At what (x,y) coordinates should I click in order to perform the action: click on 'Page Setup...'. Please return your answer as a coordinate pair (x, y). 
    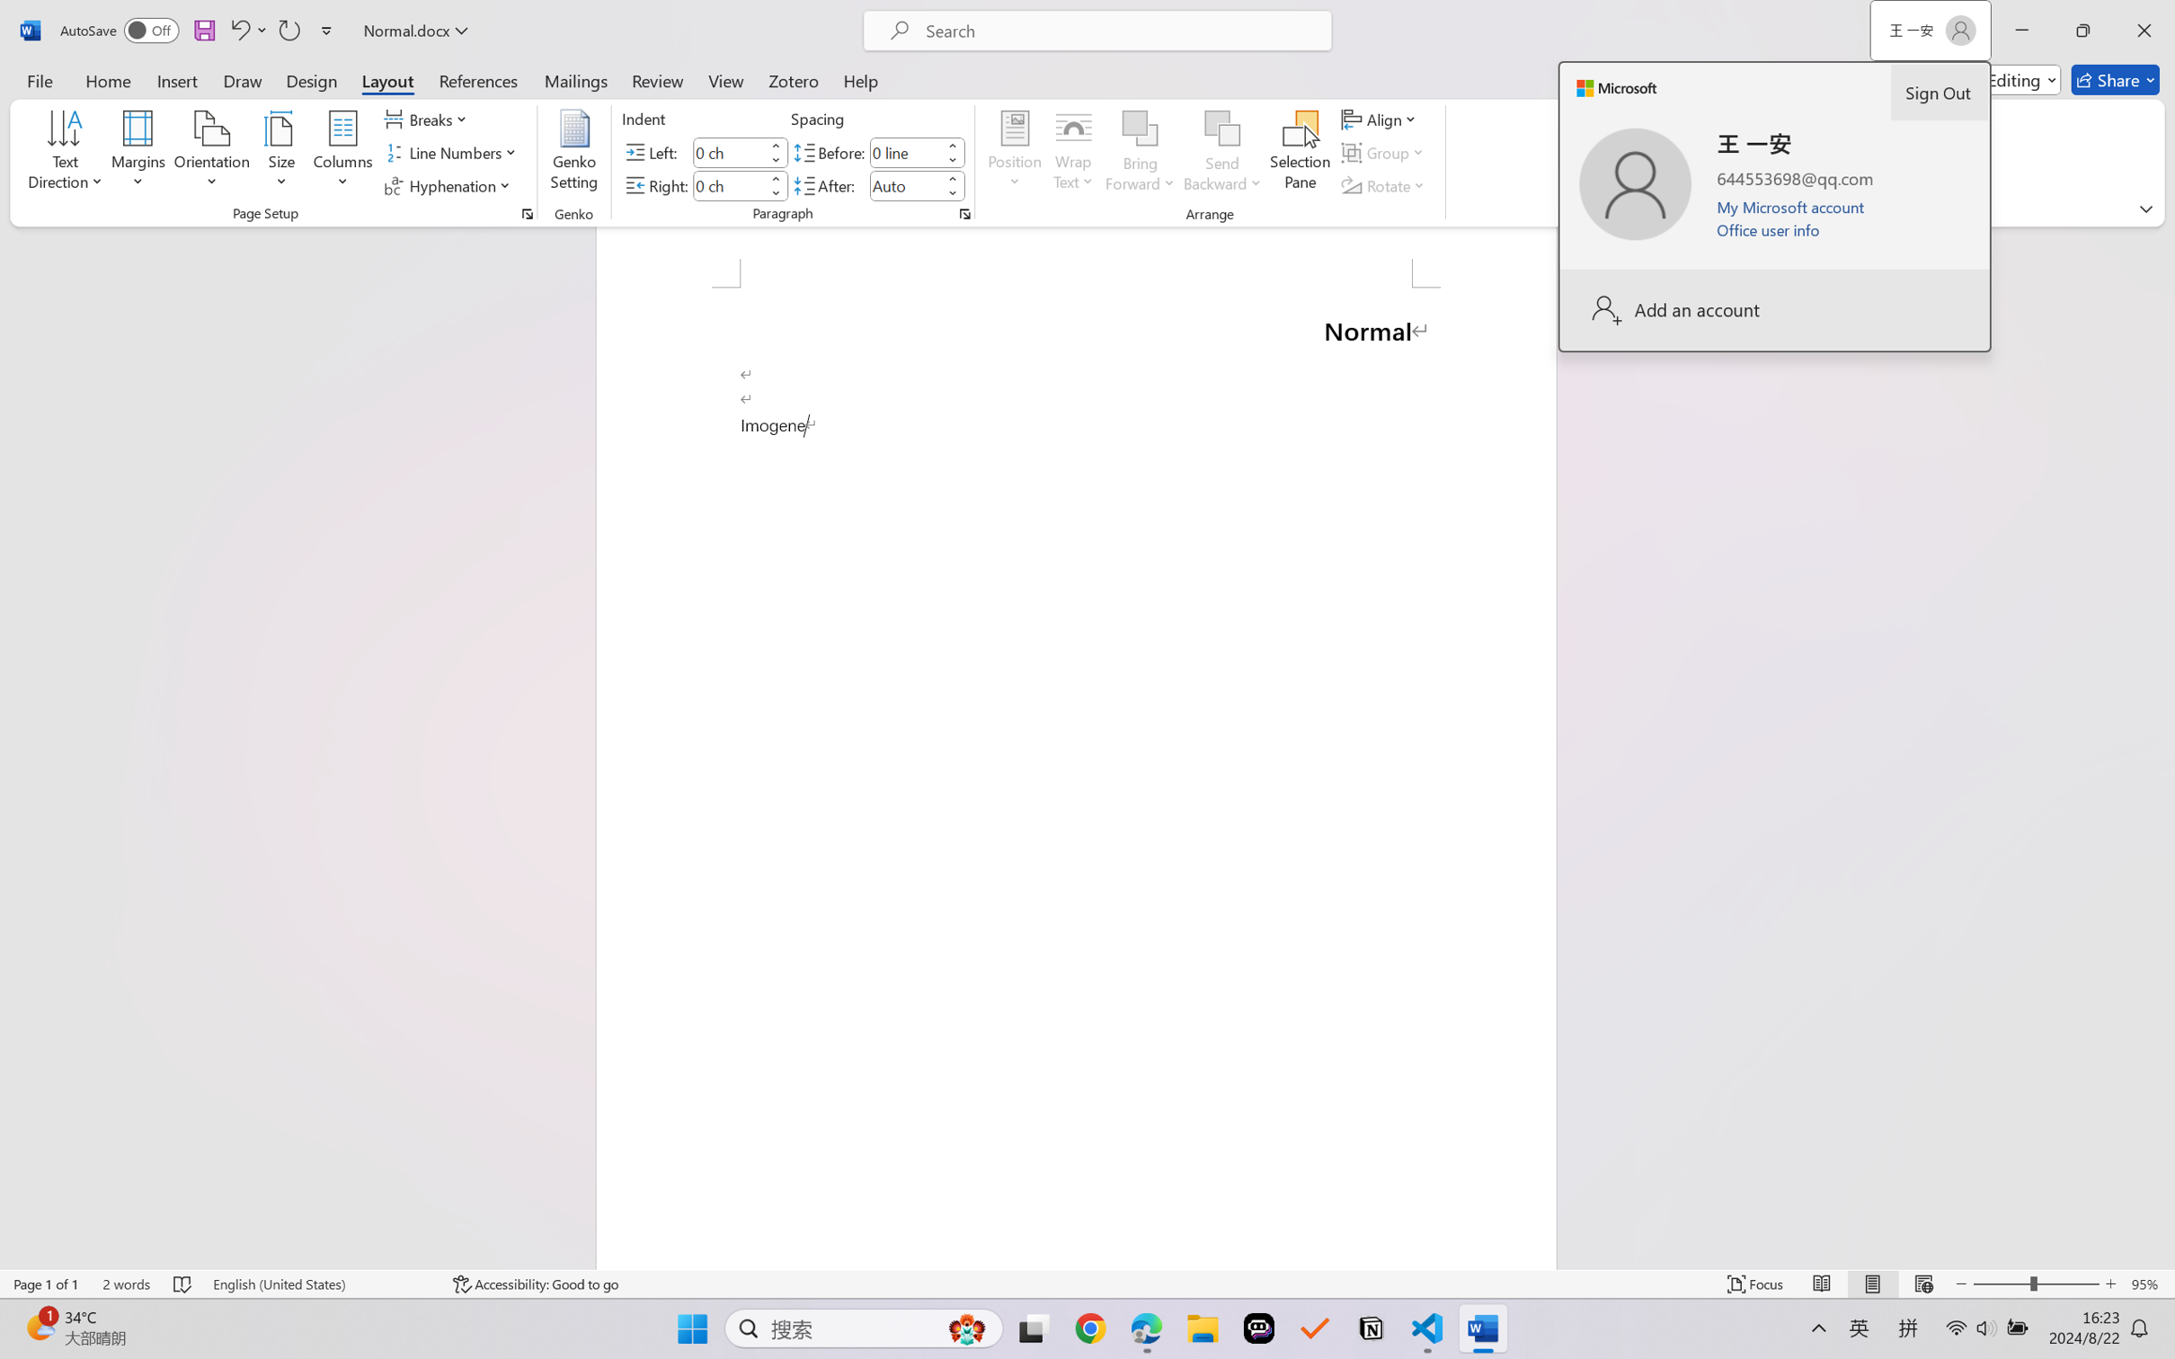
    Looking at the image, I should click on (526, 213).